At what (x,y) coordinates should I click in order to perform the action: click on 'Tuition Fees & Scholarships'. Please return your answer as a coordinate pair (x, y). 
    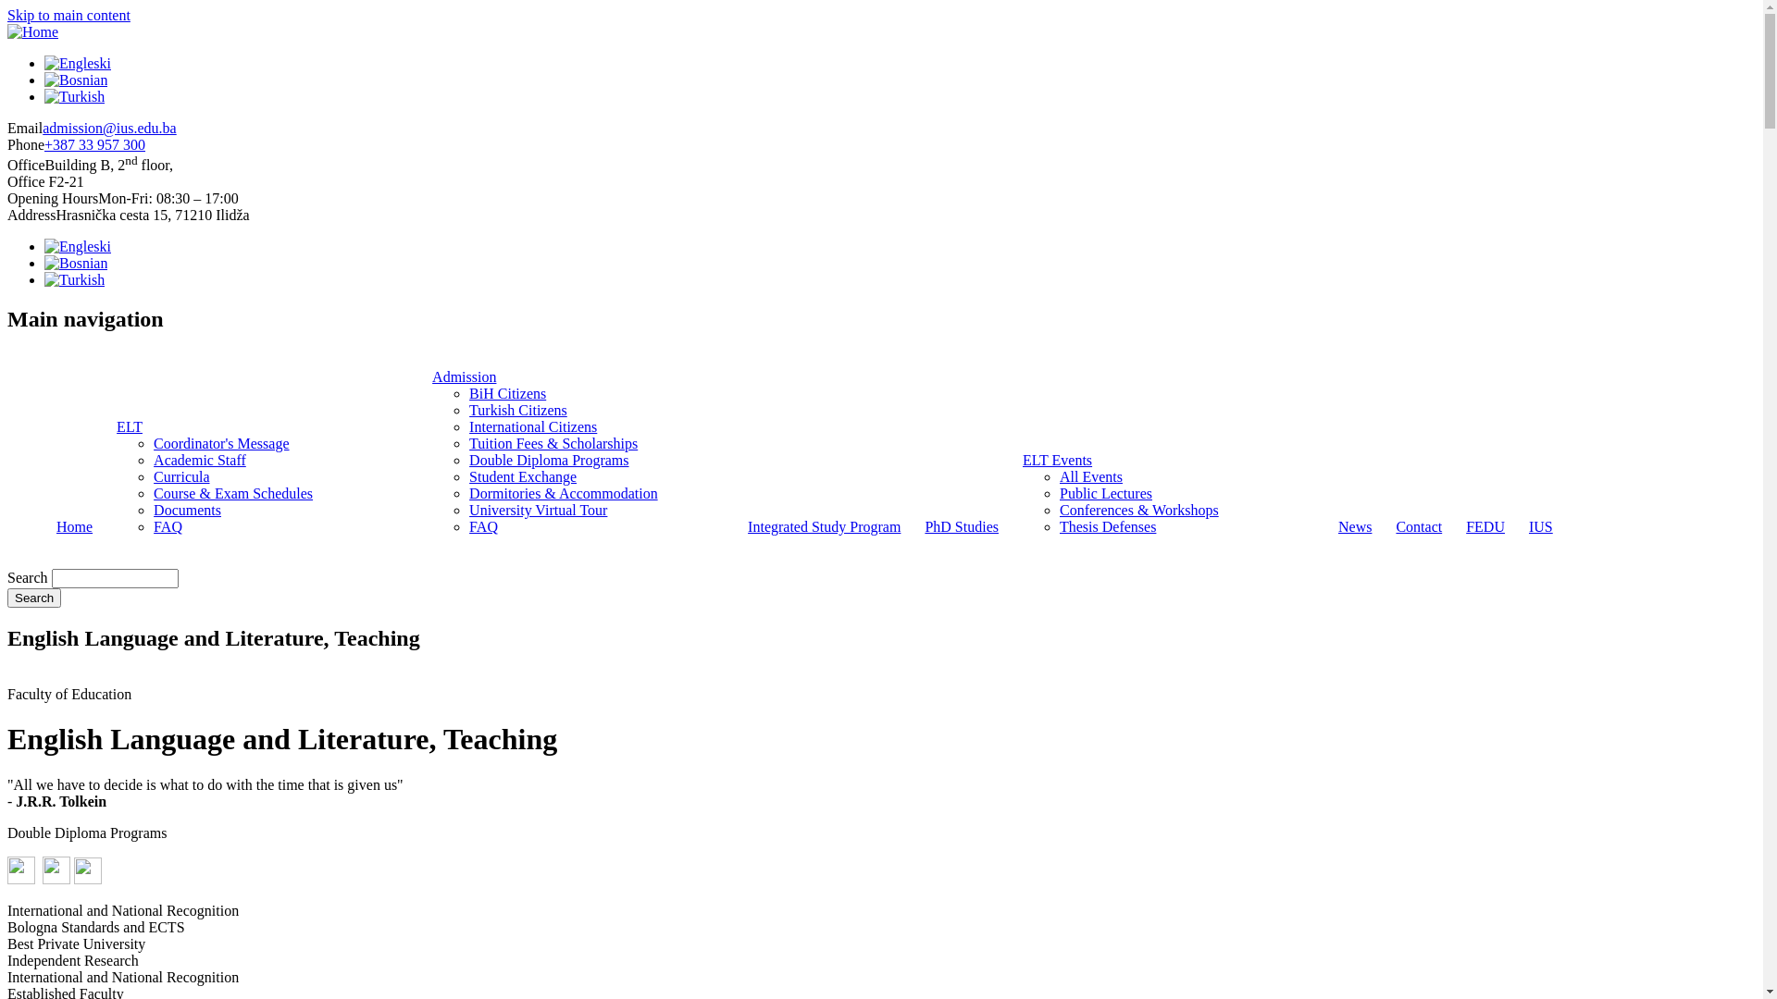
    Looking at the image, I should click on (553, 443).